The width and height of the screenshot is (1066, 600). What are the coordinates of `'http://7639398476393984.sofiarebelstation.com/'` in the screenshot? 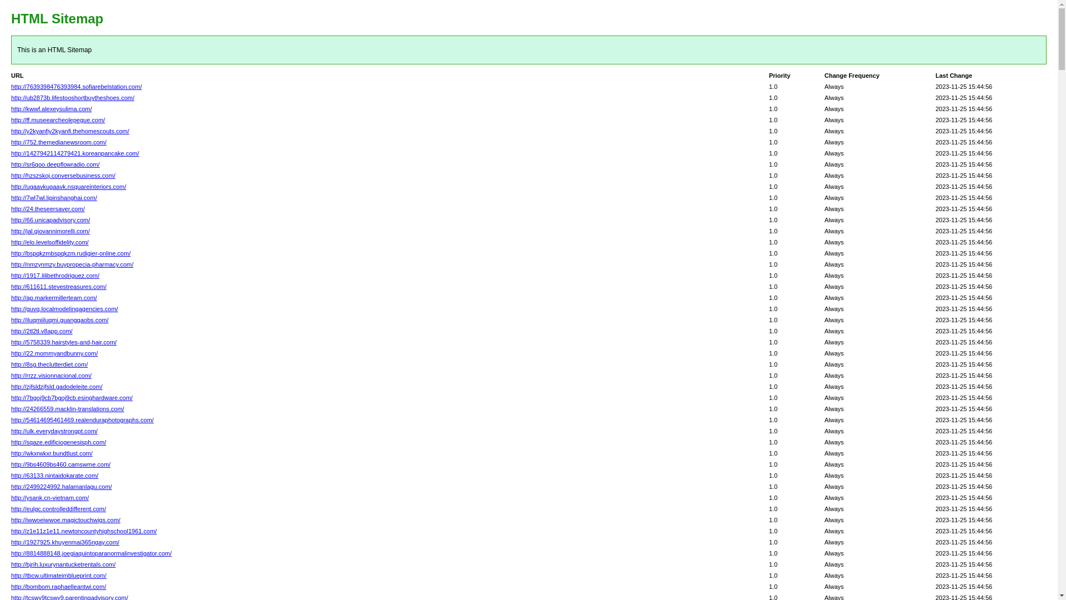 It's located at (76, 86).